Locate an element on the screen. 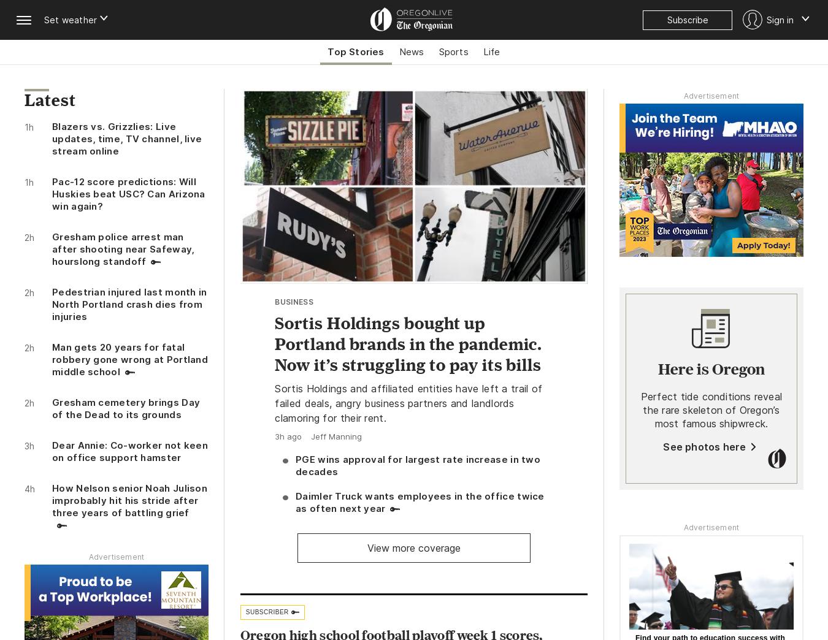  'See photos here' is located at coordinates (703, 447).